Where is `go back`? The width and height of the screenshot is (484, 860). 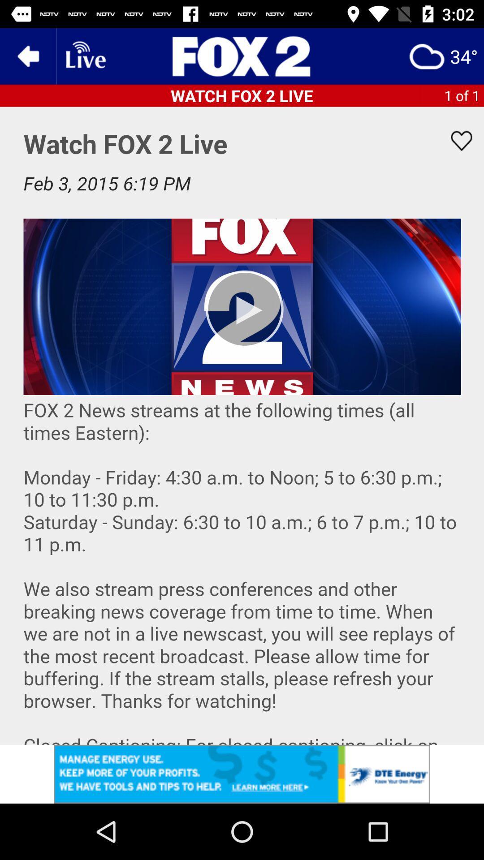 go back is located at coordinates (27, 56).